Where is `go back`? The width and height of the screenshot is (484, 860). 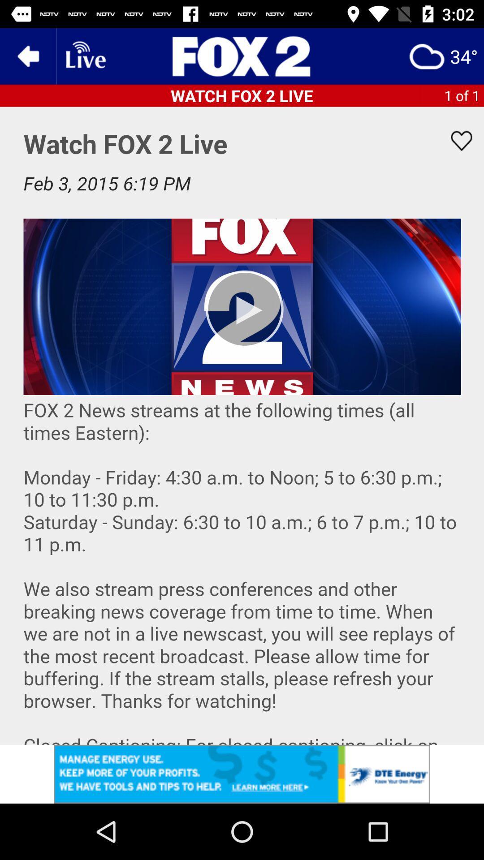 go back is located at coordinates (27, 56).